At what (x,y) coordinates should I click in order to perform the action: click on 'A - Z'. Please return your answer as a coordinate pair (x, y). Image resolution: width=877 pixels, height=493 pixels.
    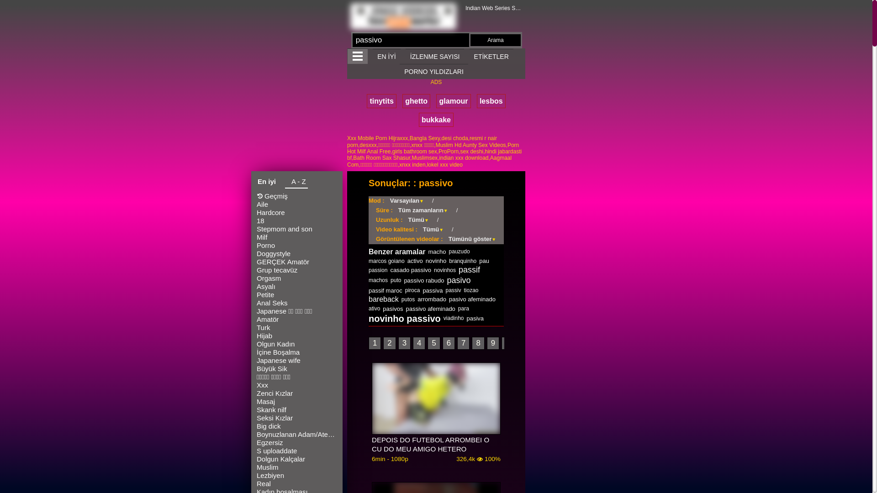
    Looking at the image, I should click on (296, 183).